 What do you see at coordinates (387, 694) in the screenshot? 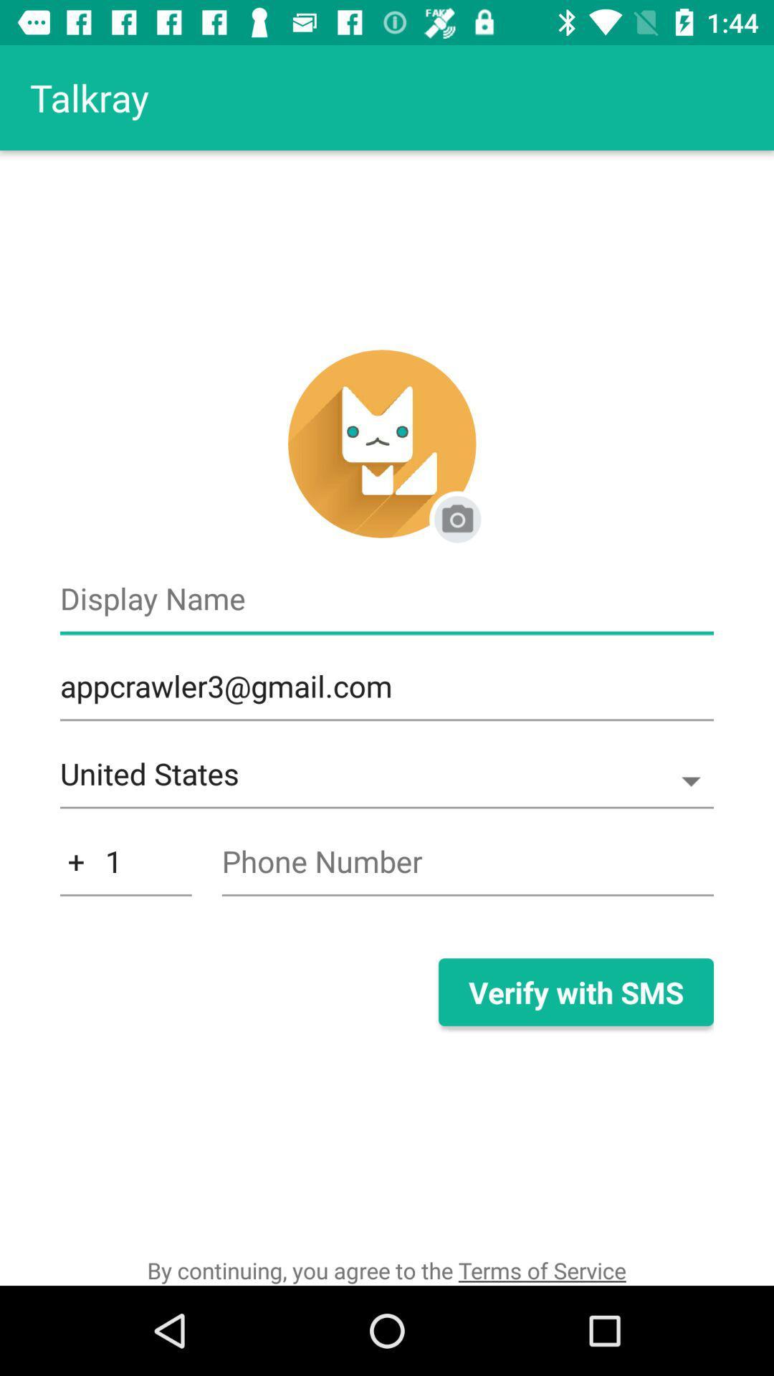
I see `icon above united states icon` at bounding box center [387, 694].